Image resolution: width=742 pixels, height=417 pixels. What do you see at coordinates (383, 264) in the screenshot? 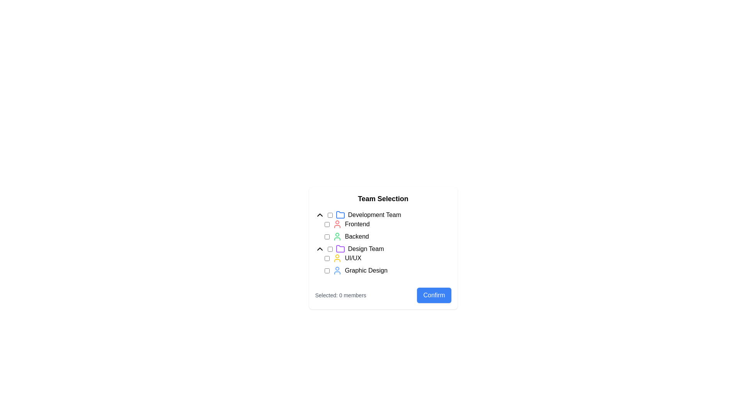
I see `the checkbox of the first selectable option for 'UI/UX' within the 'Design Team' category located above 'Graphic Design'` at bounding box center [383, 264].